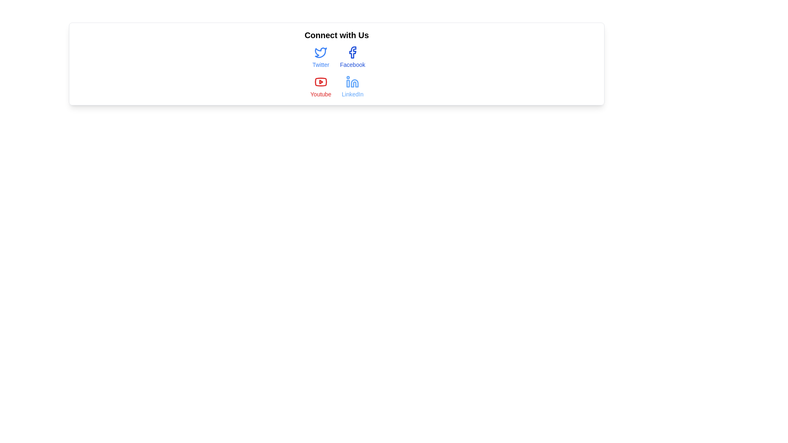  What do you see at coordinates (353, 87) in the screenshot?
I see `the blue-colored hyperlinked text 'LinkedIn' with the LinkedIn icon` at bounding box center [353, 87].